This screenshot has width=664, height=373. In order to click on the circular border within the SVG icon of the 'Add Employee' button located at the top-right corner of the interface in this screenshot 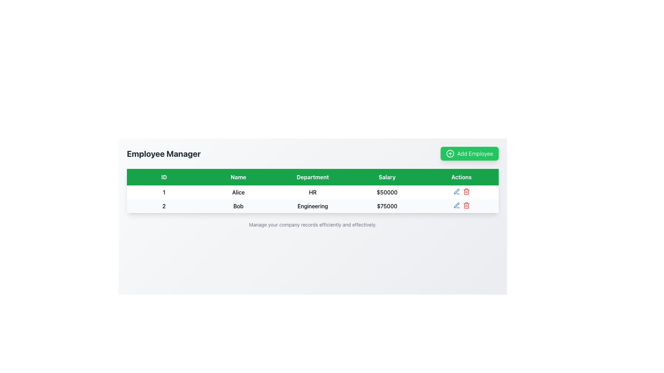, I will do `click(450, 153)`.